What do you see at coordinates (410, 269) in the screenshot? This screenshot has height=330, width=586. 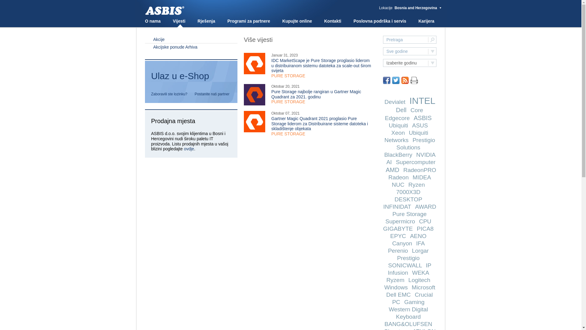 I see `'IP Infusion'` at bounding box center [410, 269].